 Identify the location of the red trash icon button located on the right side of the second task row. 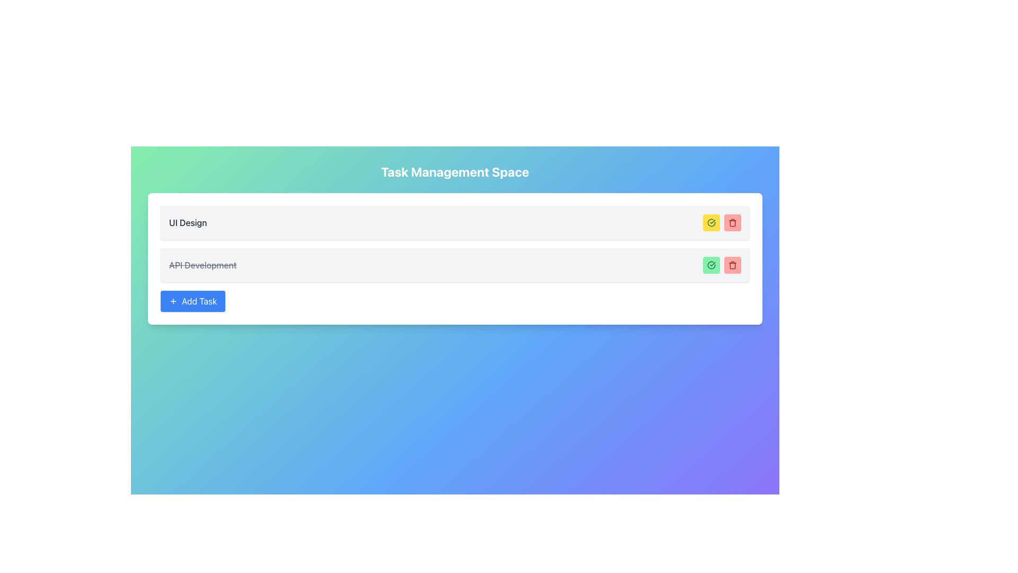
(732, 222).